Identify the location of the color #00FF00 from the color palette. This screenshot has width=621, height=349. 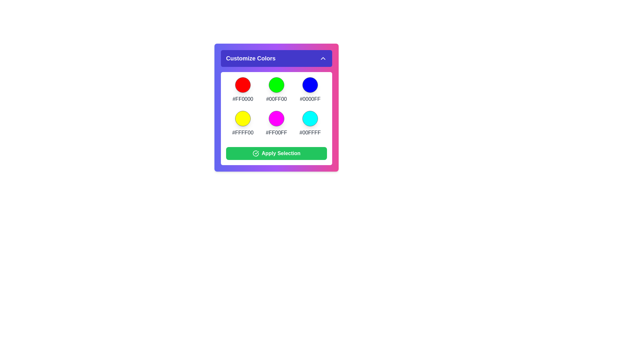
(276, 84).